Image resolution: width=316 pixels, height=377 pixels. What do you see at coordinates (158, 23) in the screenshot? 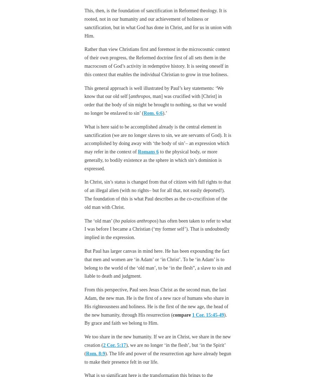
I see `'This, then, is the foundation of sanctification in Reformed theology. It is rooted, not in our humanity and our achievement of holiness or sanctification, but in what God has done in Christ, and for us in union with Him.'` at bounding box center [158, 23].